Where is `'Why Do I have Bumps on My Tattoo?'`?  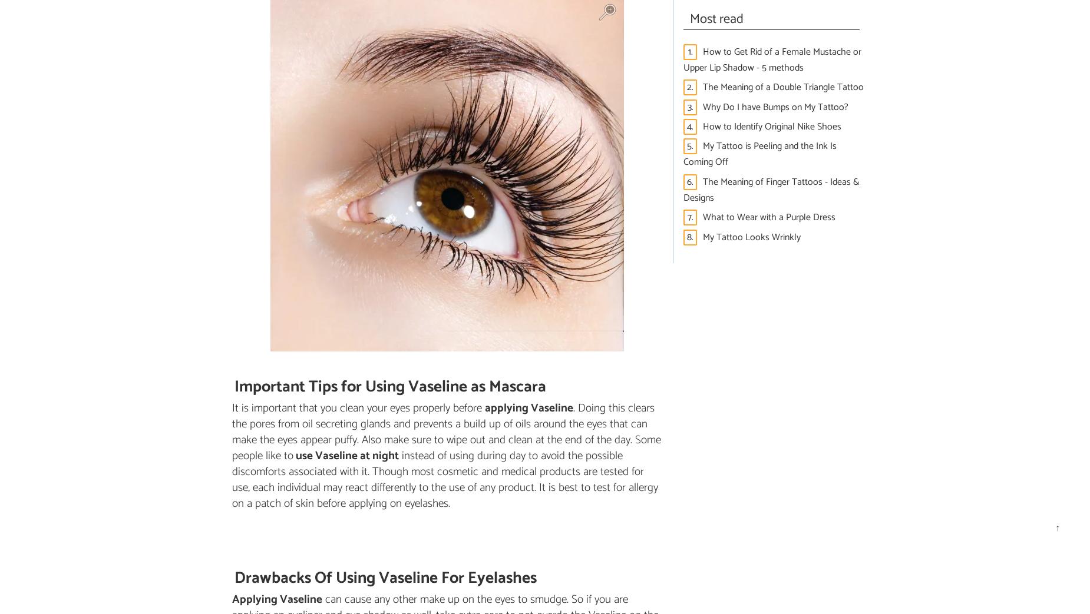 'Why Do I have Bumps on My Tattoo?' is located at coordinates (775, 106).